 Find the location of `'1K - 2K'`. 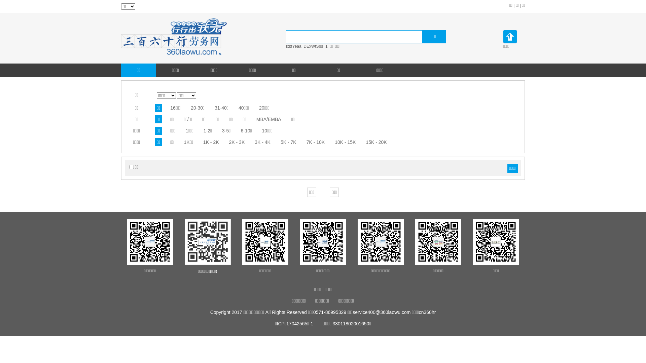

'1K - 2K' is located at coordinates (211, 142).